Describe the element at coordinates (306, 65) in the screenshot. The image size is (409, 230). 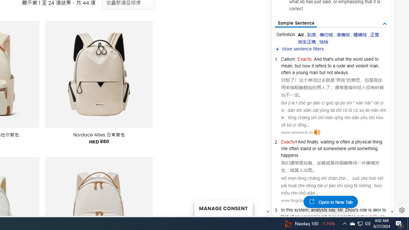
I see `'now'` at that location.